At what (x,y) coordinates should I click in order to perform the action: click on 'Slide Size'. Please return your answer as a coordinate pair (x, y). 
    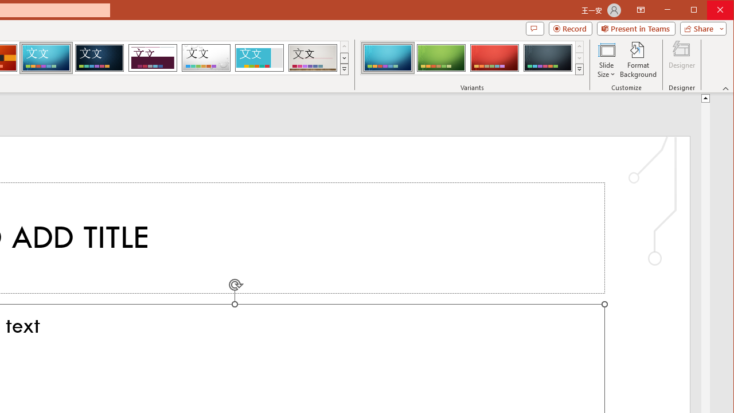
    Looking at the image, I should click on (606, 60).